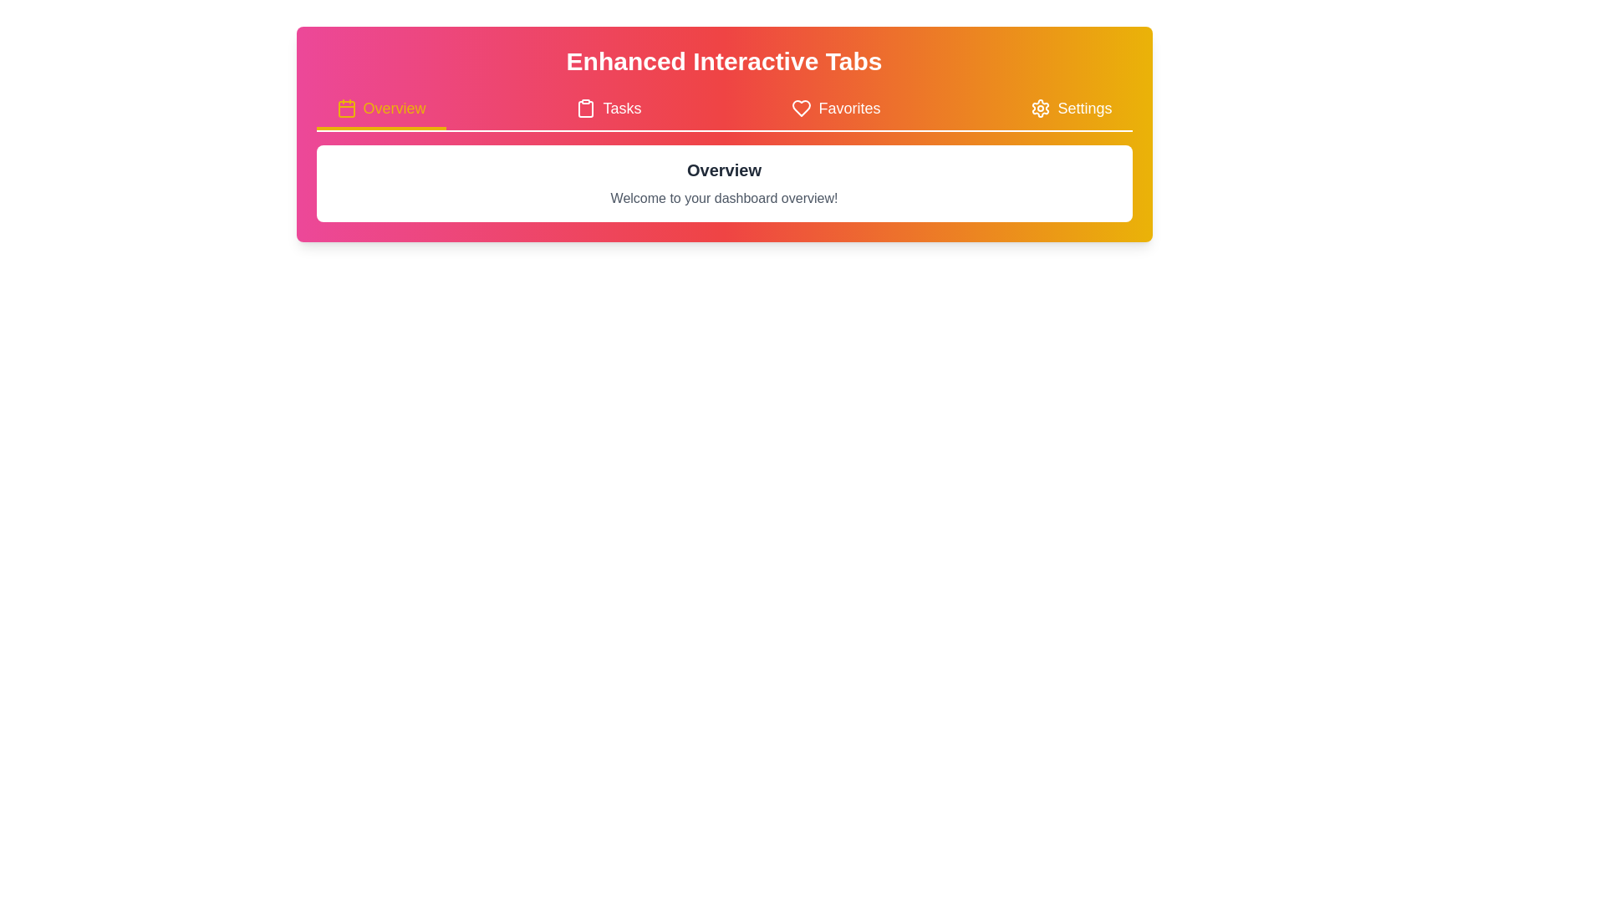  Describe the element at coordinates (345, 109) in the screenshot. I see `the 'Overview' tab icon located in the horizontal navigation bar, which indicates functionality related to a dashboard or general summary view` at that location.